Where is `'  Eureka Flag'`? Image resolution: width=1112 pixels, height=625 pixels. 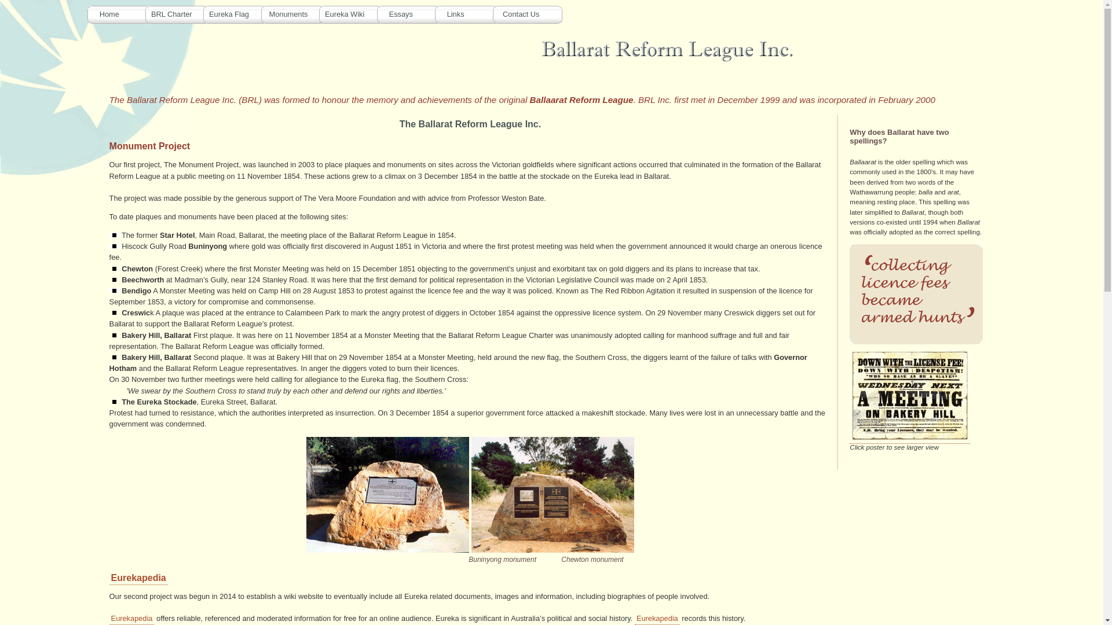 '  Eureka Flag' is located at coordinates (237, 13).